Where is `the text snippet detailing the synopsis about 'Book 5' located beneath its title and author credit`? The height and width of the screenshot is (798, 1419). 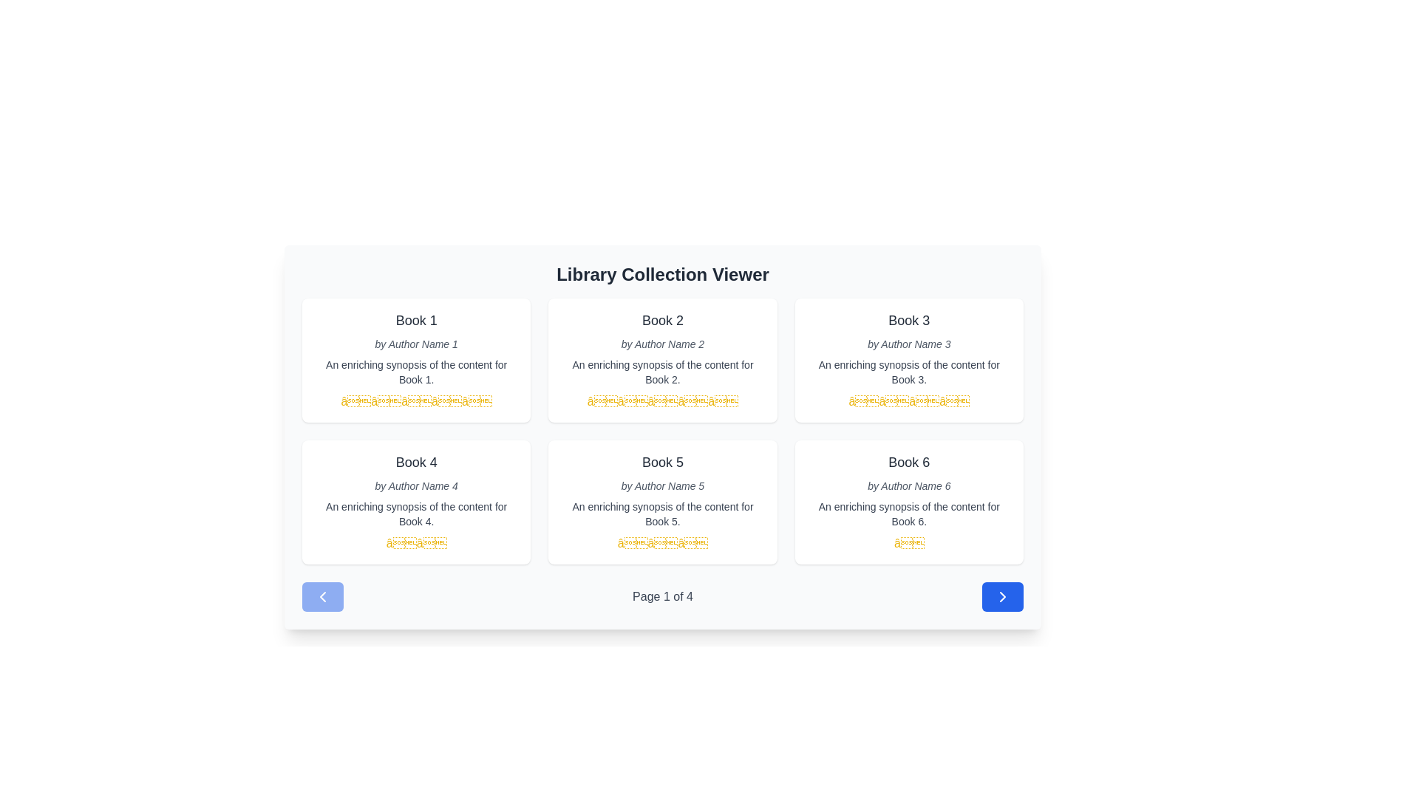
the text snippet detailing the synopsis about 'Book 5' located beneath its title and author credit is located at coordinates (662, 513).